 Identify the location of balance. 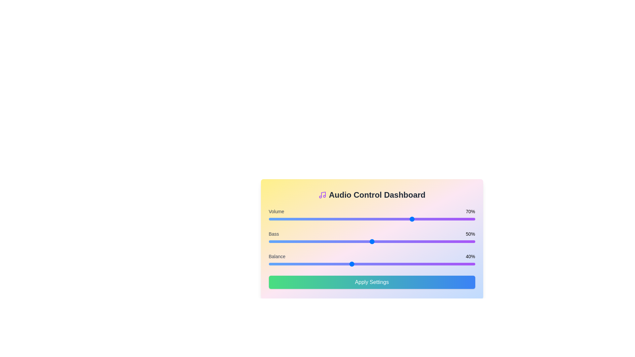
(353, 263).